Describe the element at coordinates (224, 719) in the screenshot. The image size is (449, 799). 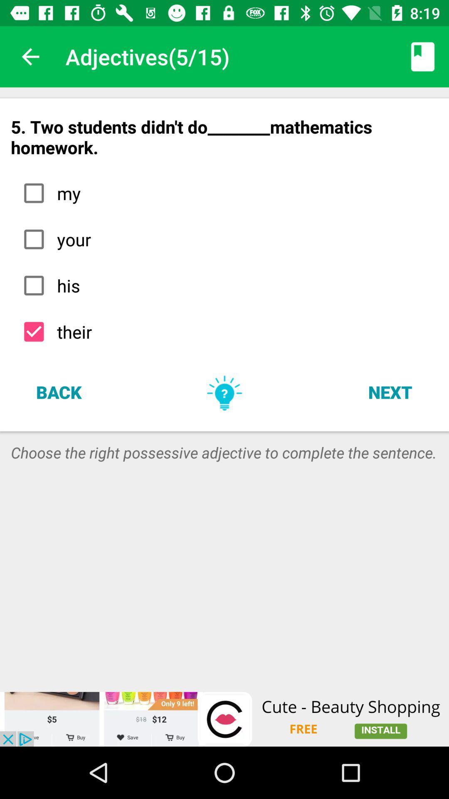
I see `advertisement page` at that location.